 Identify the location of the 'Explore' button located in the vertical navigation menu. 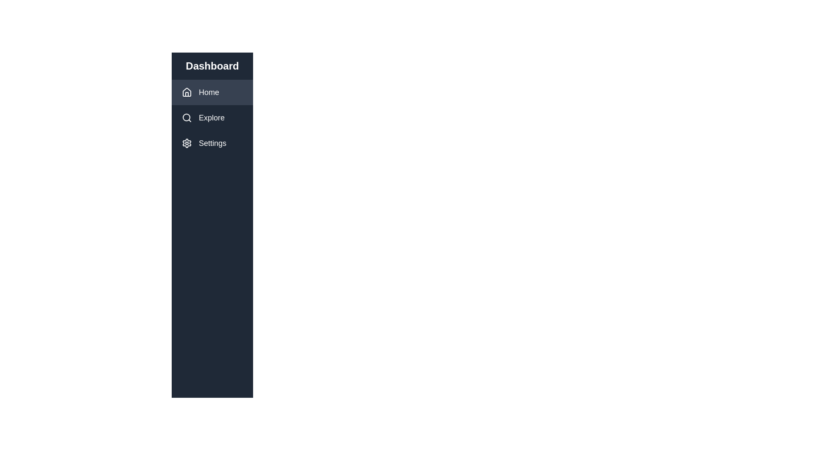
(212, 117).